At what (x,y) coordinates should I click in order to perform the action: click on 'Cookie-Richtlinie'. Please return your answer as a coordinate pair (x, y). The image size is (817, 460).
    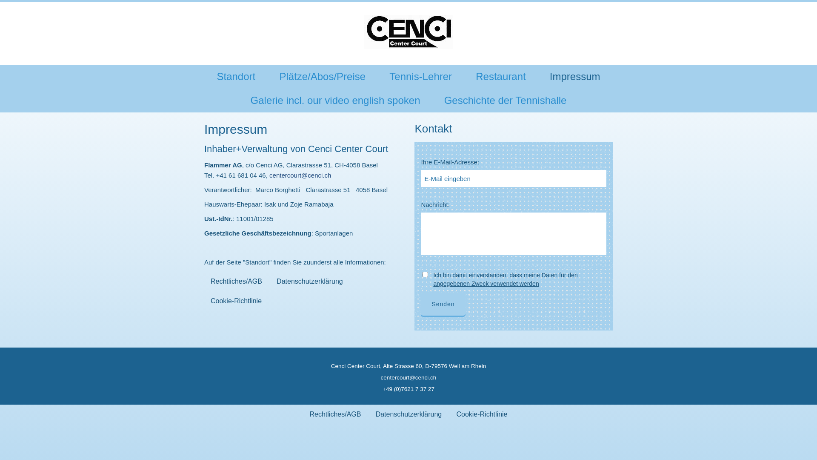
    Looking at the image, I should click on (236, 300).